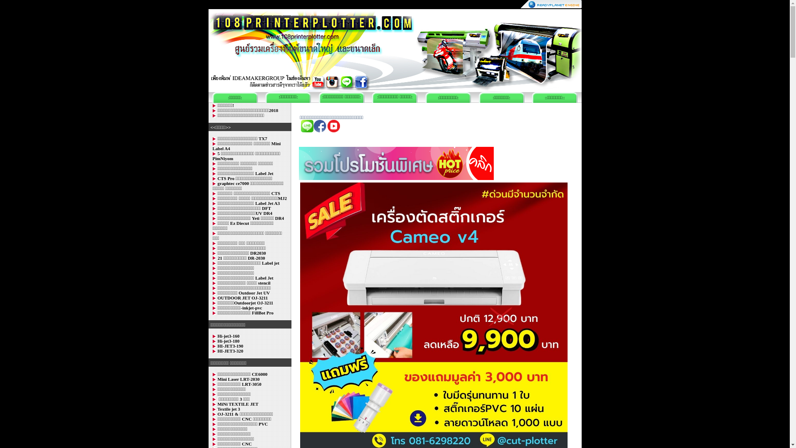  Describe the element at coordinates (238, 379) in the screenshot. I see `'Mini Laser LRT-2030'` at that location.